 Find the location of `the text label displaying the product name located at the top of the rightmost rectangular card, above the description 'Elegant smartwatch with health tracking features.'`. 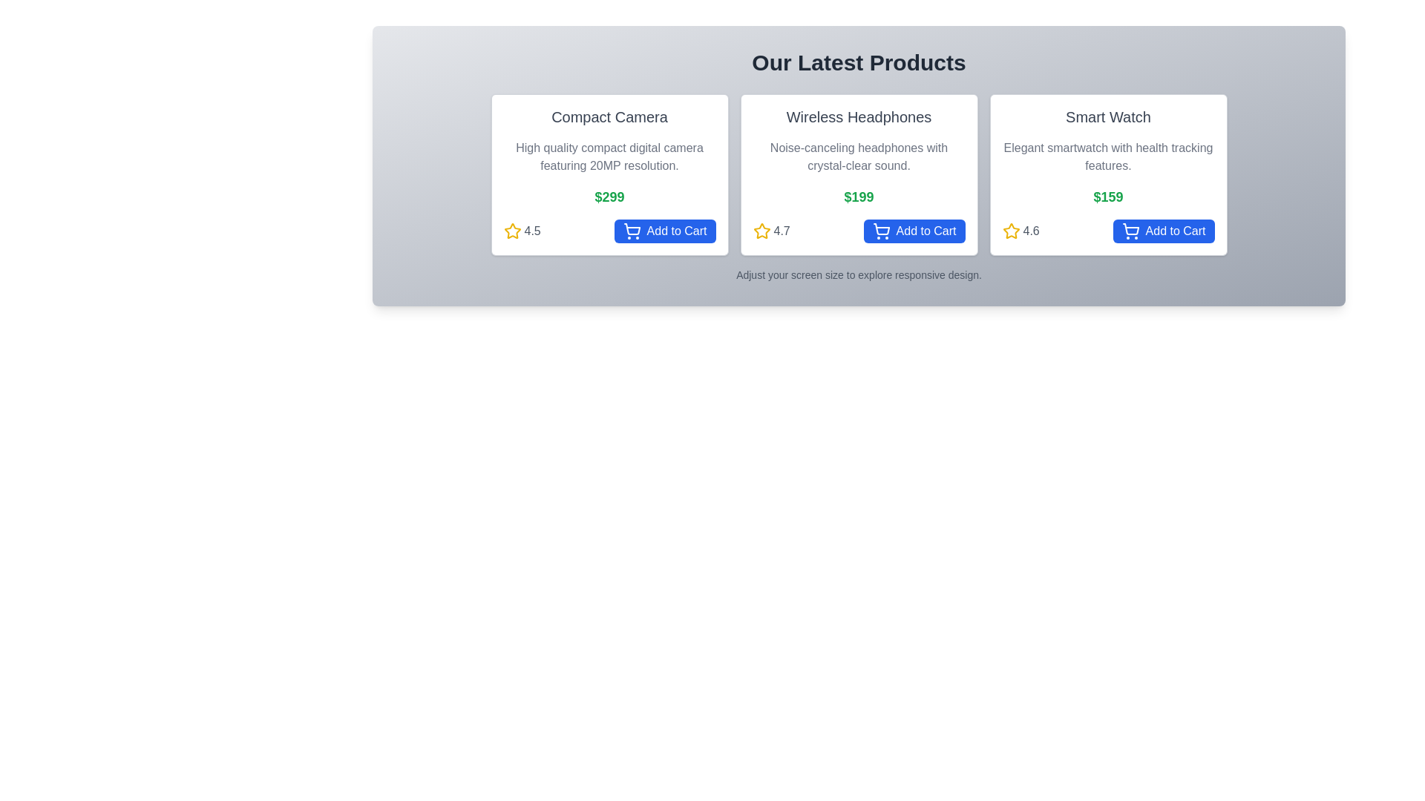

the text label displaying the product name located at the top of the rightmost rectangular card, above the description 'Elegant smartwatch with health tracking features.' is located at coordinates (1108, 116).